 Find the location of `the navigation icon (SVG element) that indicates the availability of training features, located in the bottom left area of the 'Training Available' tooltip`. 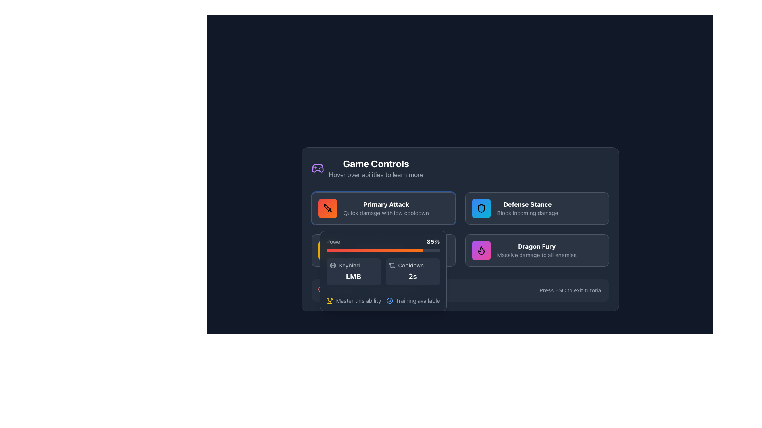

the navigation icon (SVG element) that indicates the availability of training features, located in the bottom left area of the 'Training Available' tooltip is located at coordinates (389, 301).